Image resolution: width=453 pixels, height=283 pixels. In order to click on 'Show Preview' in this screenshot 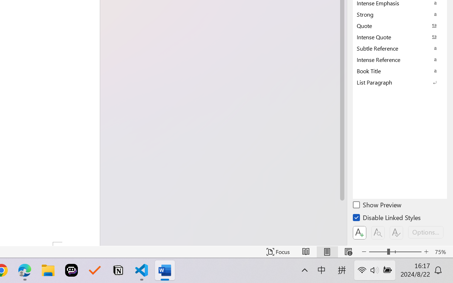, I will do `click(377, 206)`.